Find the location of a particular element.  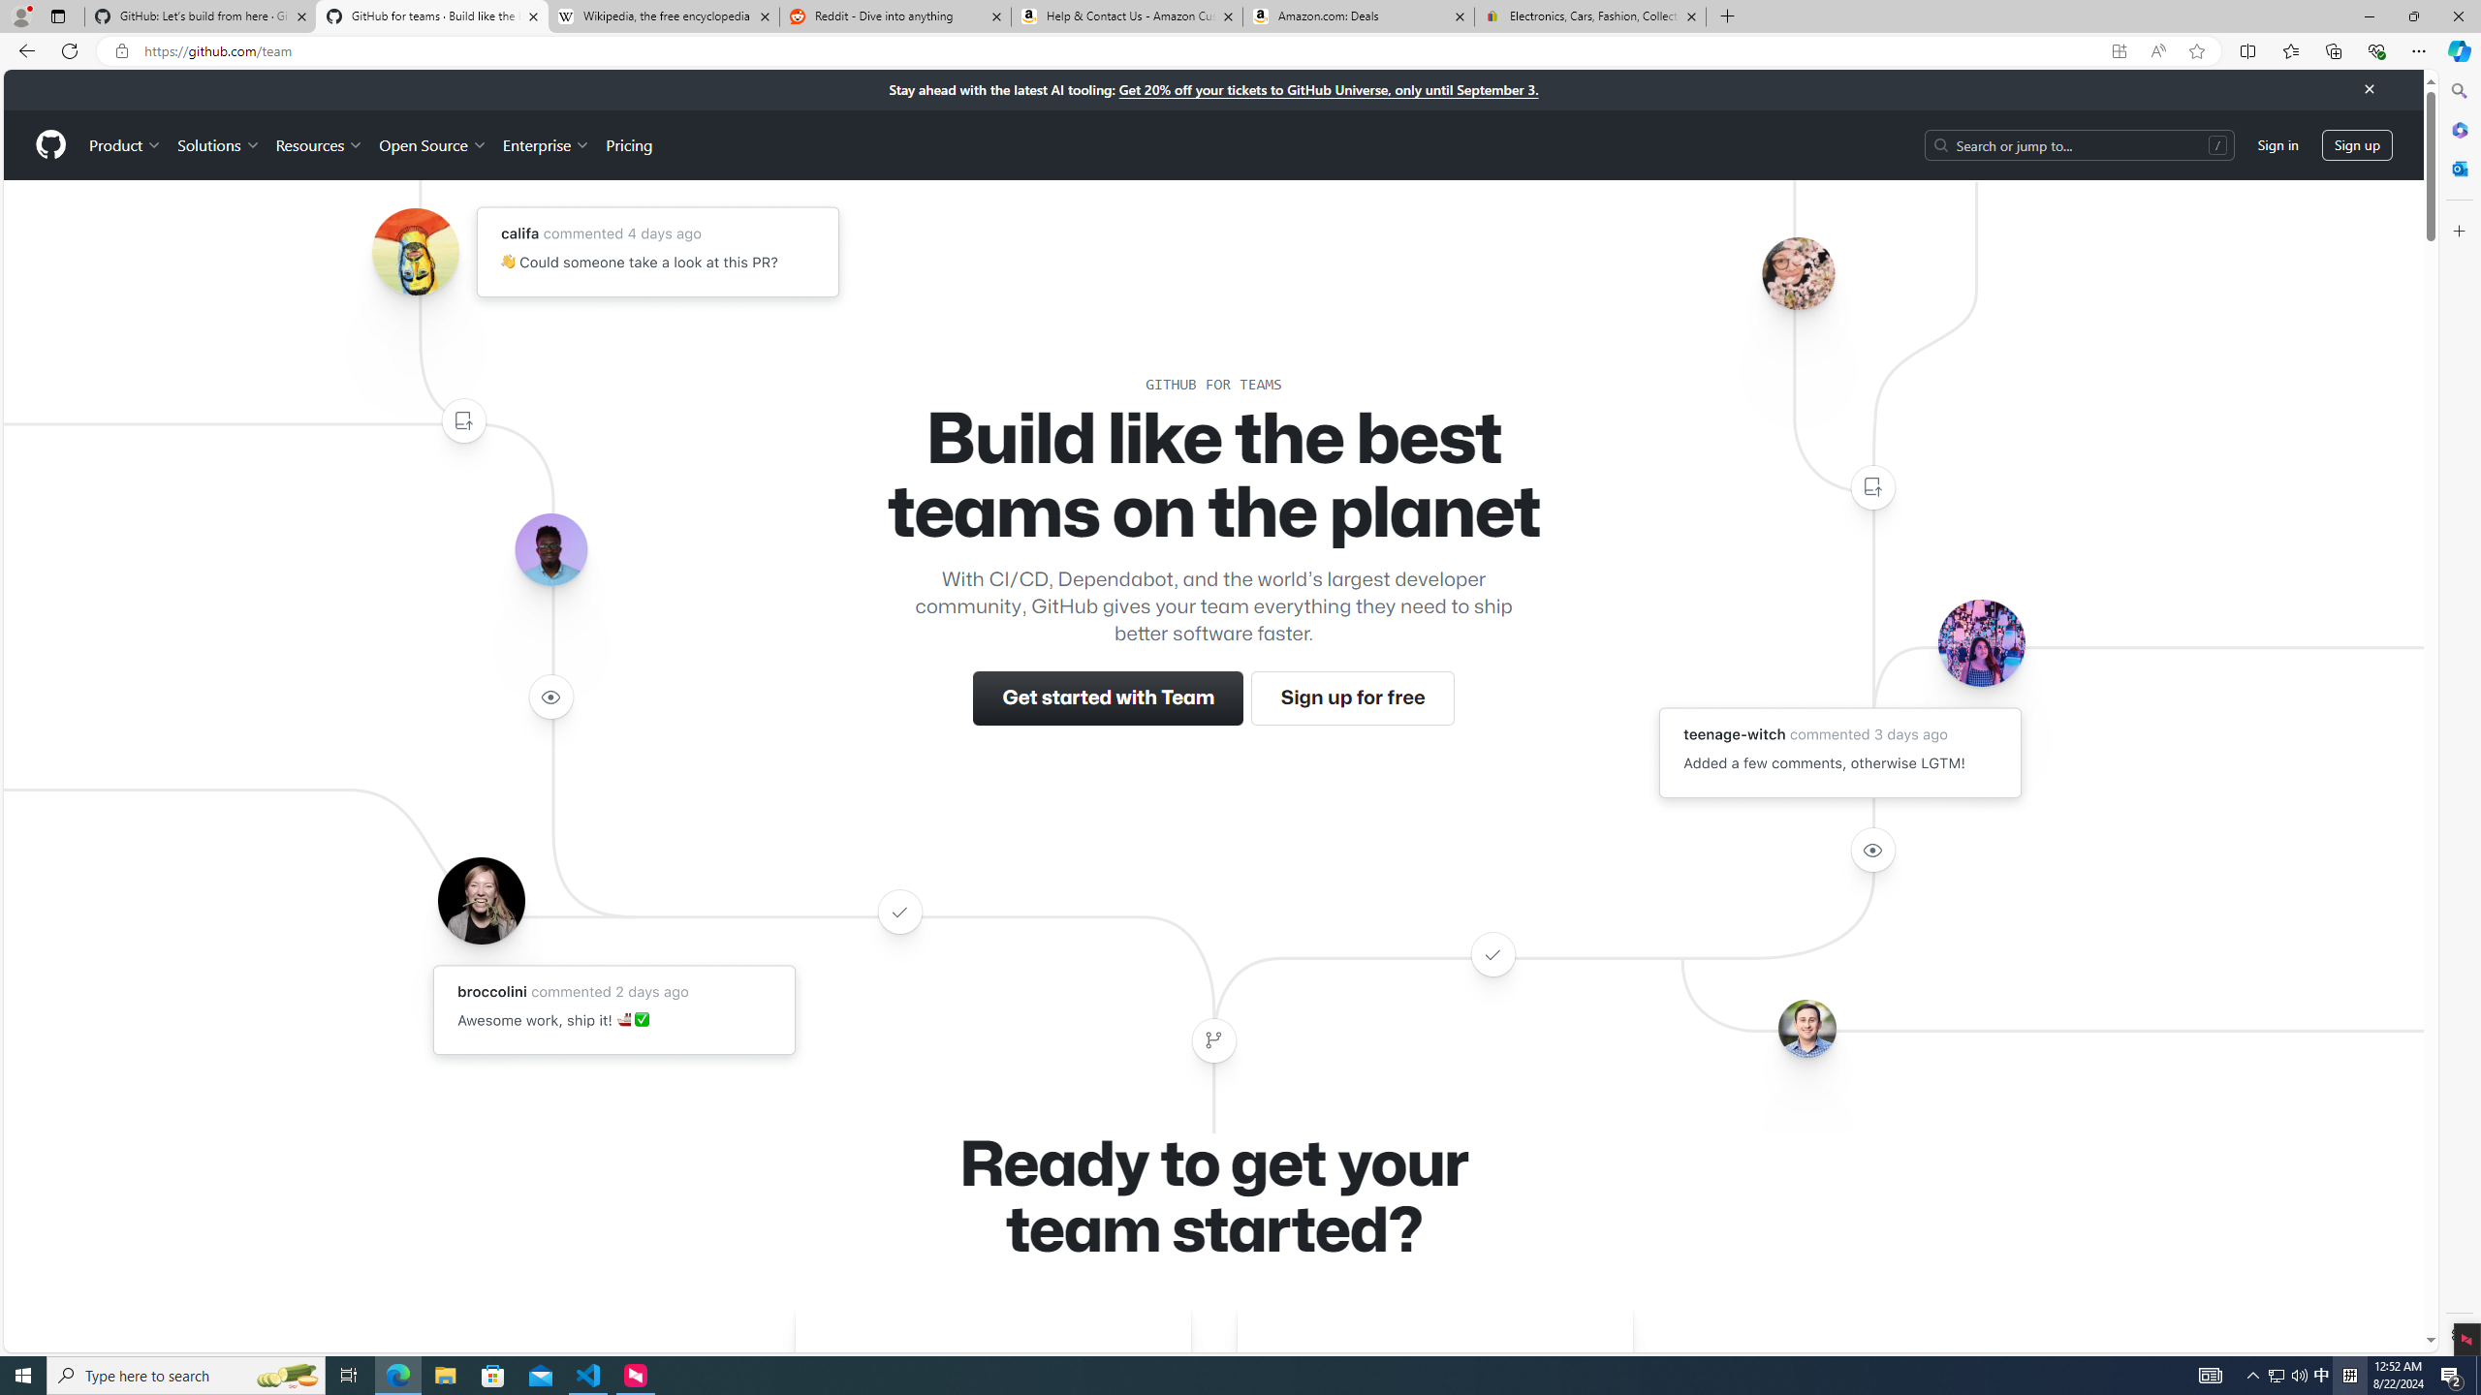

'Pricing' is located at coordinates (628, 144).